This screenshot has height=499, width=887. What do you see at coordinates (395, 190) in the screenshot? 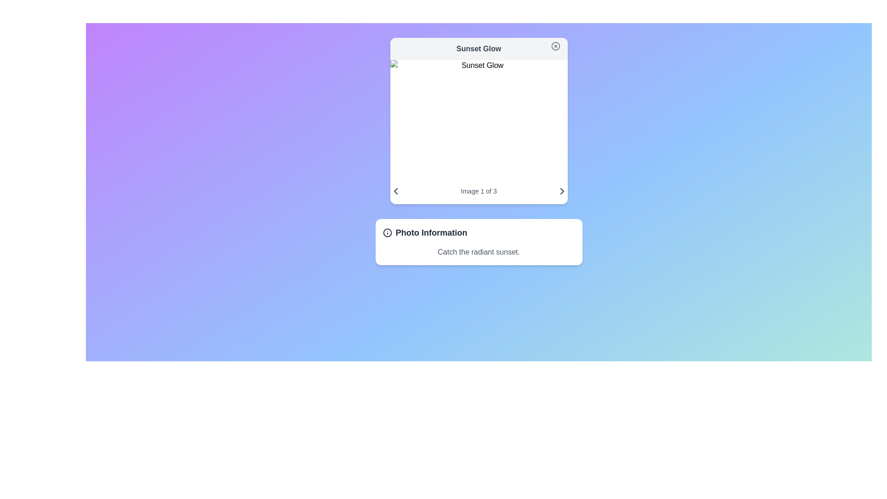
I see `the navigation arrow icon located on the left side of the horizontal navigation control group` at bounding box center [395, 190].